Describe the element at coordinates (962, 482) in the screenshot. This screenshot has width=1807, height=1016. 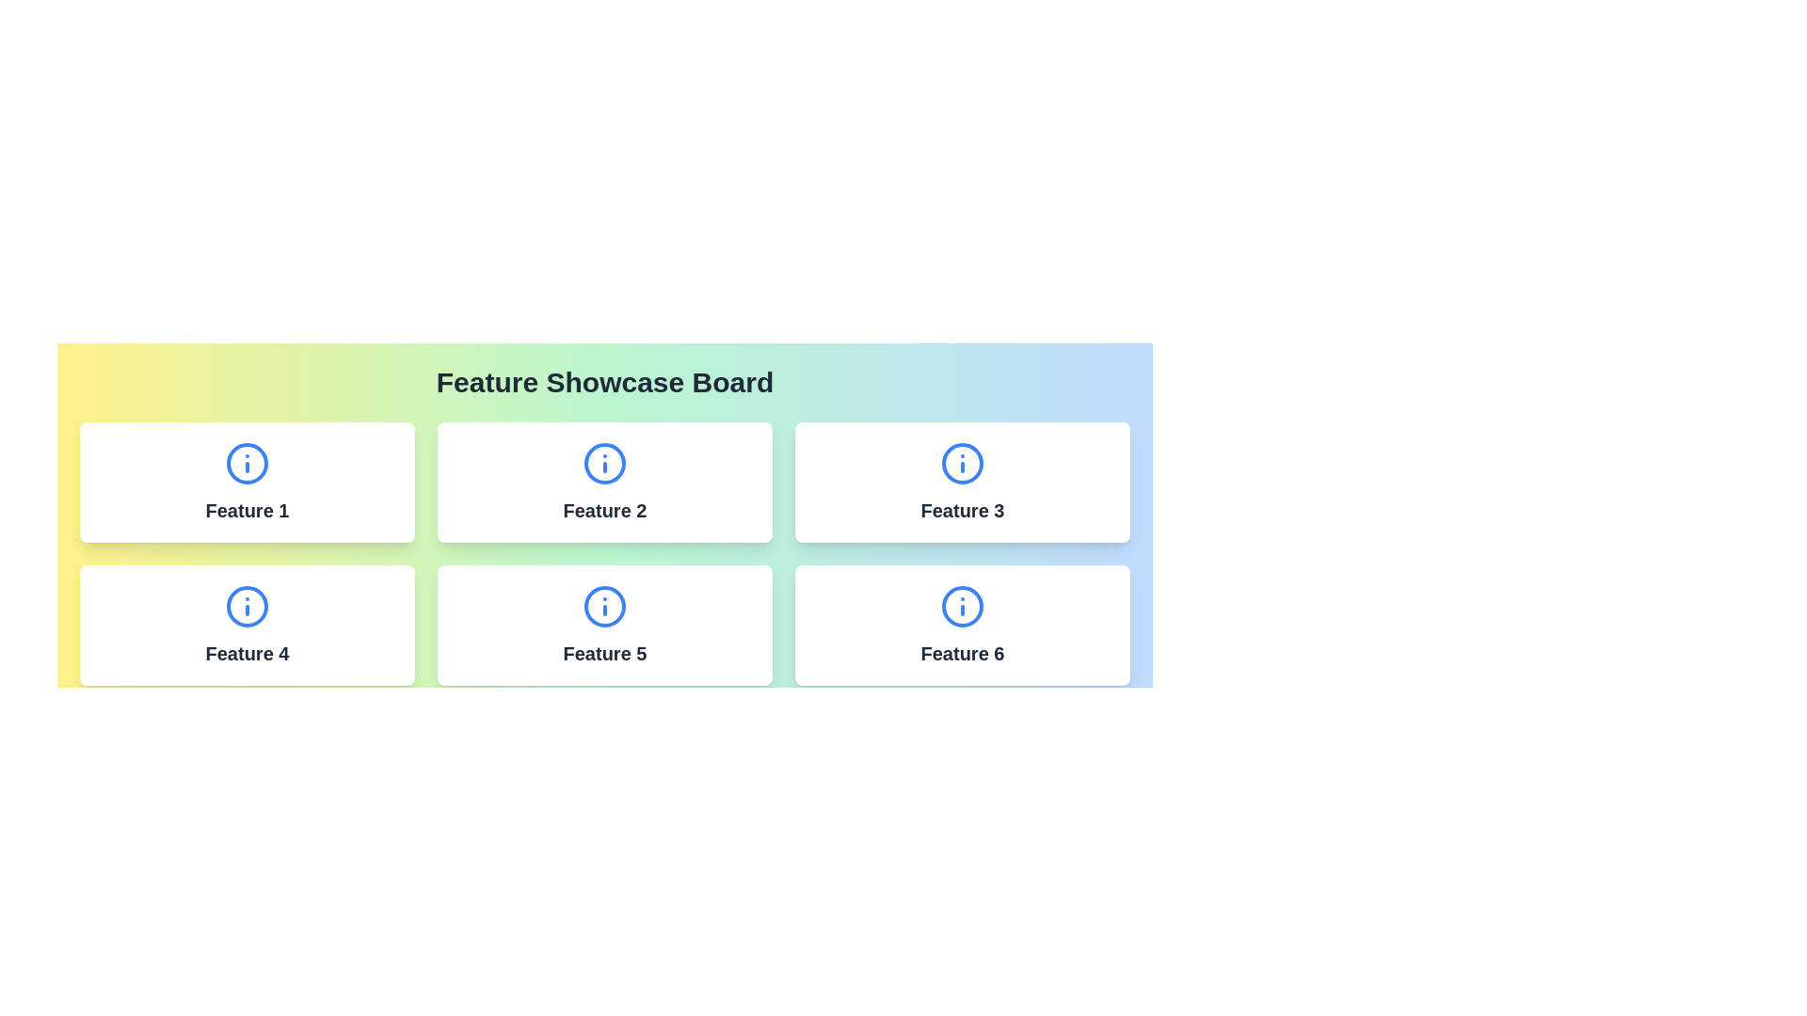
I see `the third card in the top row of a grid layout, which provides additional information upon interaction` at that location.